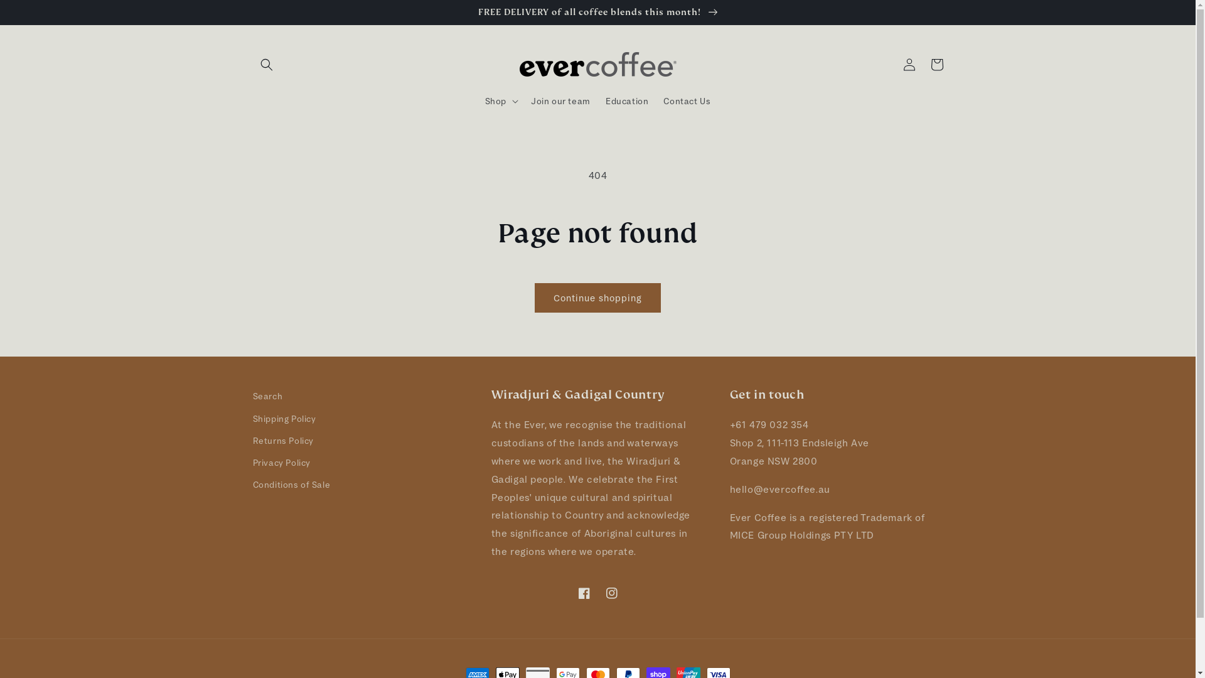  Describe the element at coordinates (894, 65) in the screenshot. I see `'Log in'` at that location.